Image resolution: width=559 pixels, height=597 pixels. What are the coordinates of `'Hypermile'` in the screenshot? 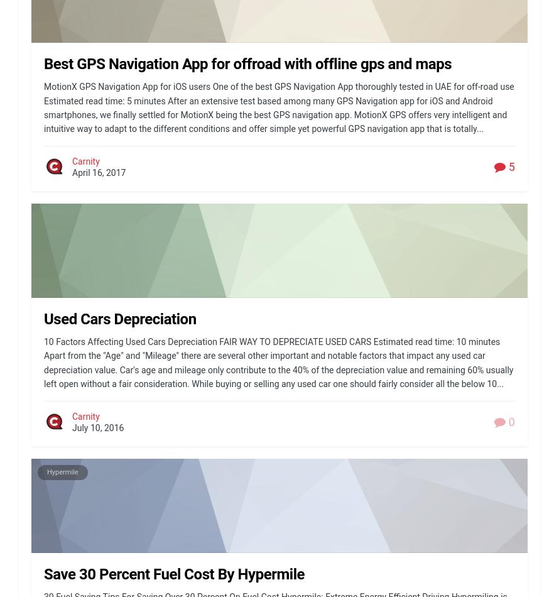 It's located at (62, 471).